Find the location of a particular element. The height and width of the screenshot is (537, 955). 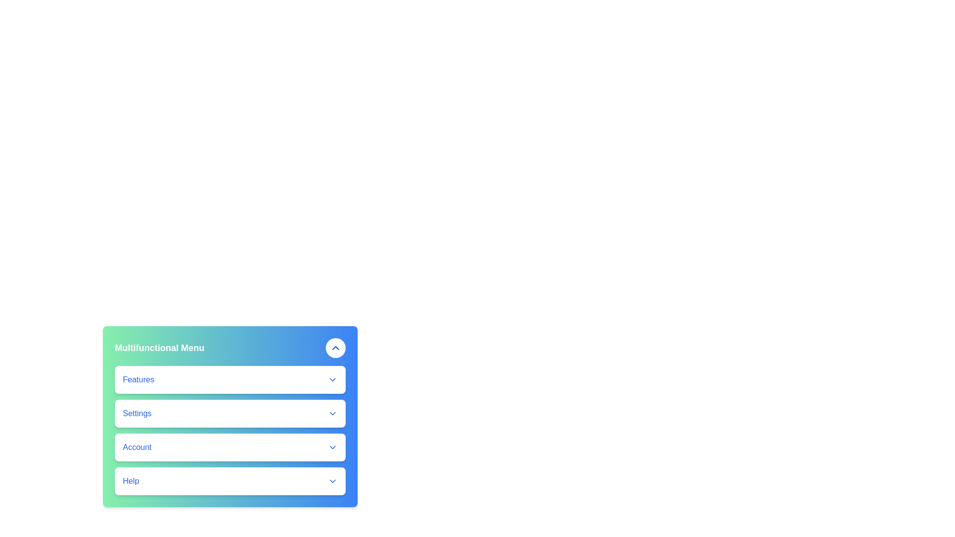

the 'Settings' text label, which is displayed in blue on a white background with rounded corners, positioned between 'Features' and 'Account' is located at coordinates (136, 414).